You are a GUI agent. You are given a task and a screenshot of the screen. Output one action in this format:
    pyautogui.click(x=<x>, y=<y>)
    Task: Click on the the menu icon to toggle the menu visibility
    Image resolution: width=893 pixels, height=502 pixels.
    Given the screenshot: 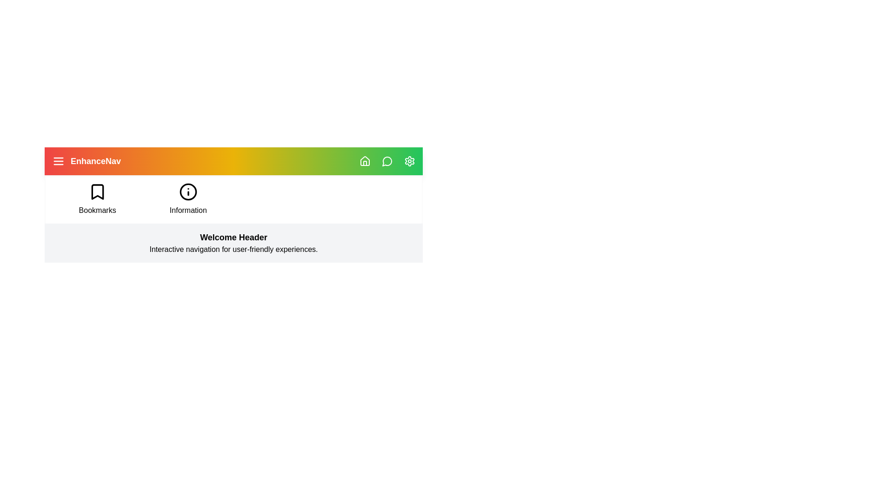 What is the action you would take?
    pyautogui.click(x=58, y=161)
    